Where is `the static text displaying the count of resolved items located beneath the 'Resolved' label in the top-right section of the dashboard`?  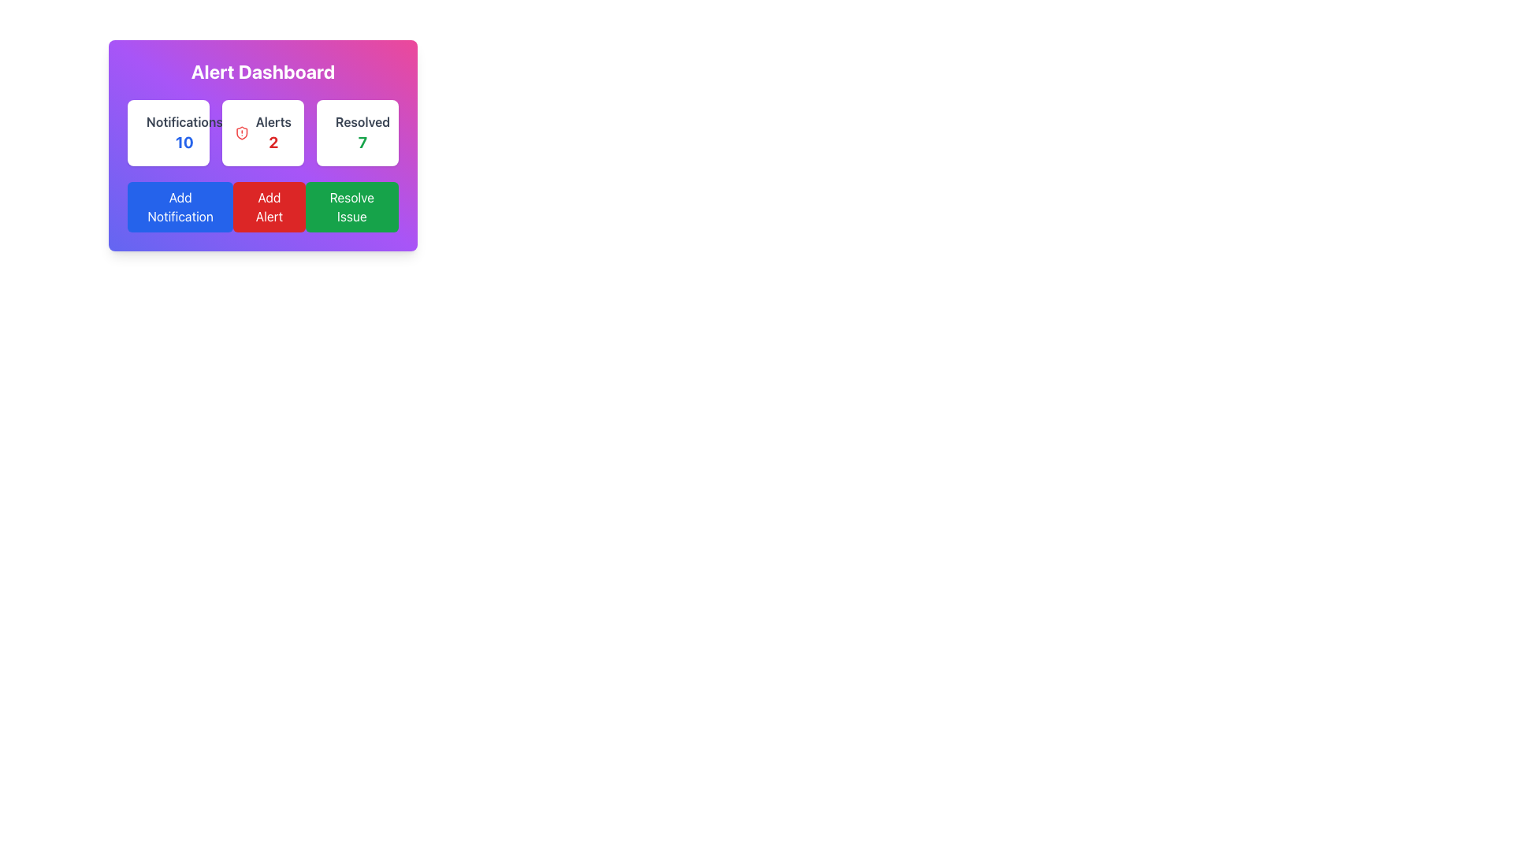 the static text displaying the count of resolved items located beneath the 'Resolved' label in the top-right section of the dashboard is located at coordinates (362, 143).